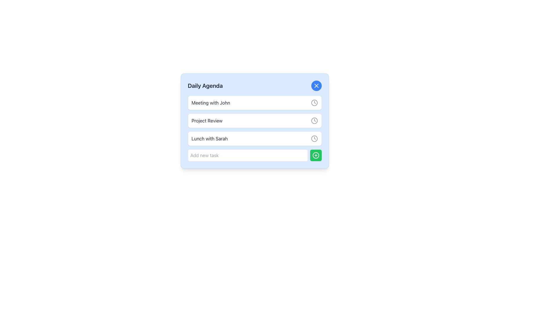  I want to click on the 'Daily Agenda' header text, which is displayed in bold, extra-large dark-gray font at the top of the panel, so click(205, 86).